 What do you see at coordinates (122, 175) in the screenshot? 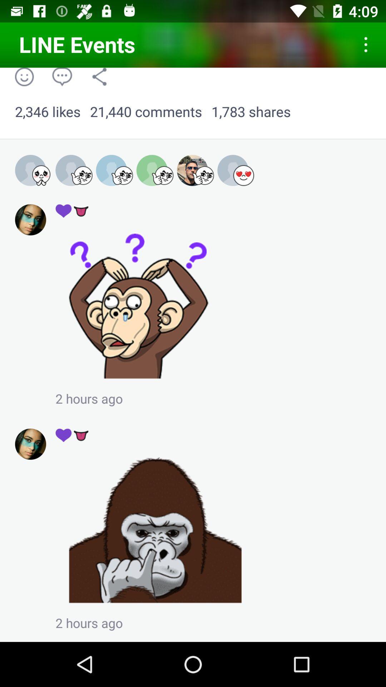
I see `third emoji` at bounding box center [122, 175].